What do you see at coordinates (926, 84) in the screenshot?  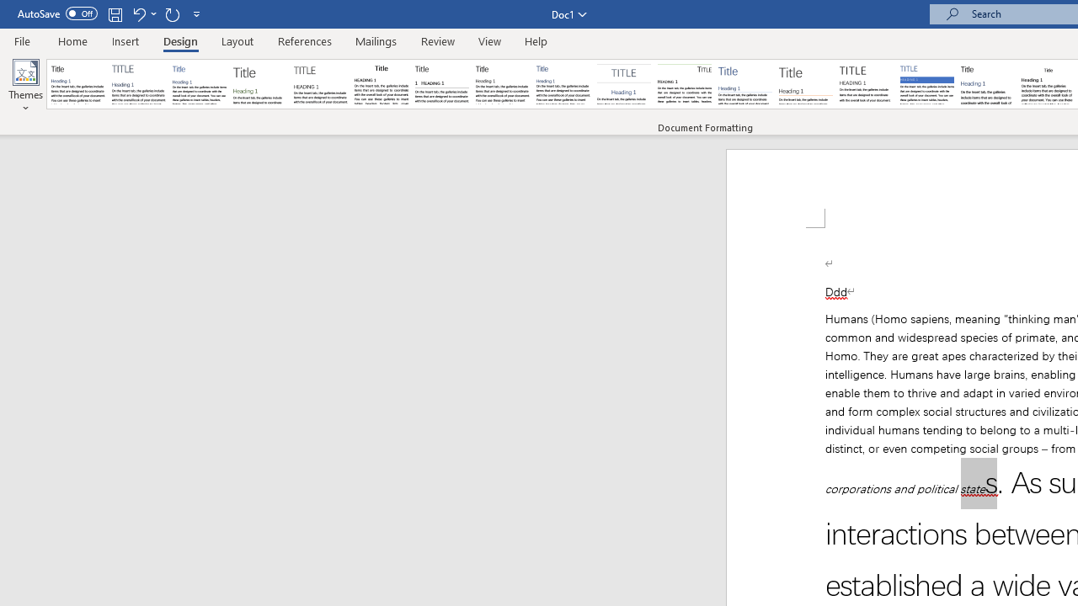 I see `'Shaded'` at bounding box center [926, 84].